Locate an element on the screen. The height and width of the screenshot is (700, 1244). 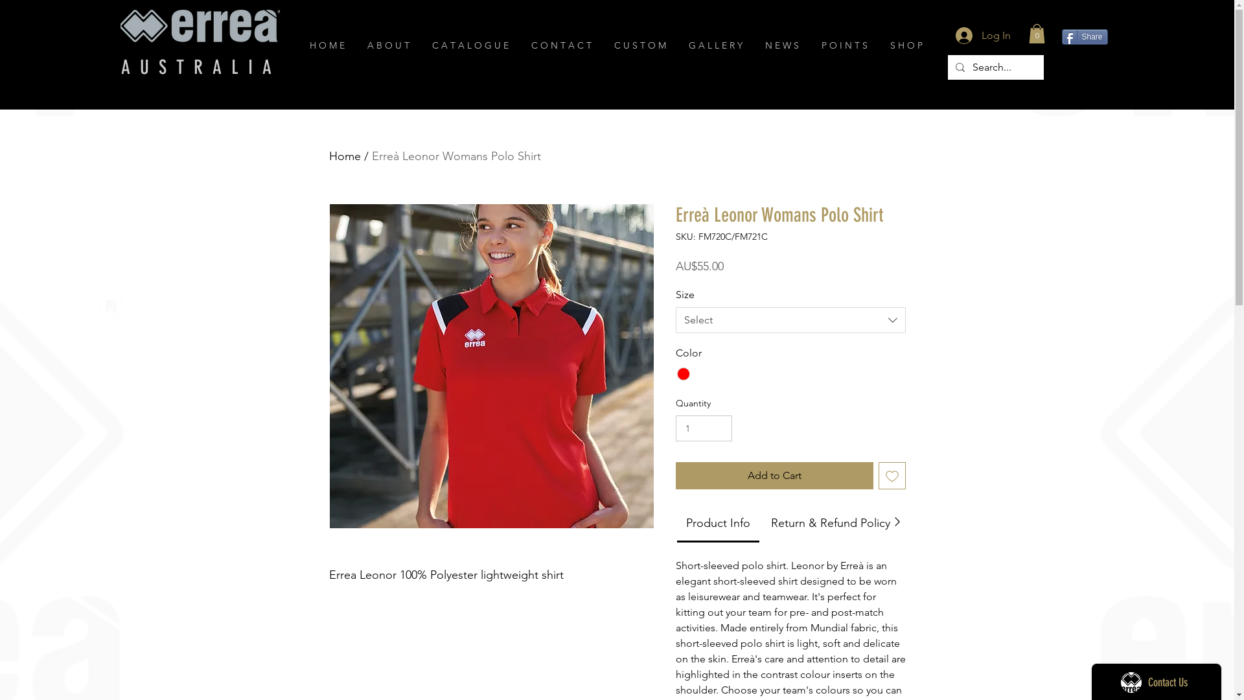
'N E W S' is located at coordinates (783, 44).